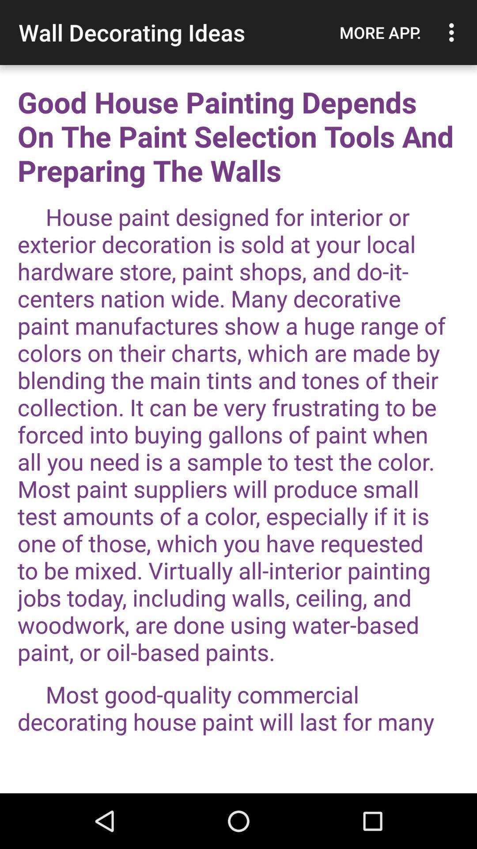 The height and width of the screenshot is (849, 477). Describe the element at coordinates (380, 32) in the screenshot. I see `app next to wall decorating ideas item` at that location.